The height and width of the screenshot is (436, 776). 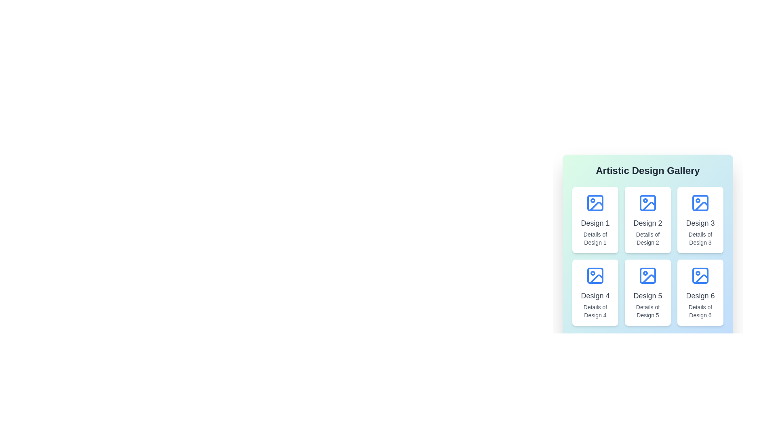 What do you see at coordinates (648, 296) in the screenshot?
I see `text displayed in the title label of the fifth card in the grid, located above 'Details of Design 5' and below the image placeholder icon` at bounding box center [648, 296].